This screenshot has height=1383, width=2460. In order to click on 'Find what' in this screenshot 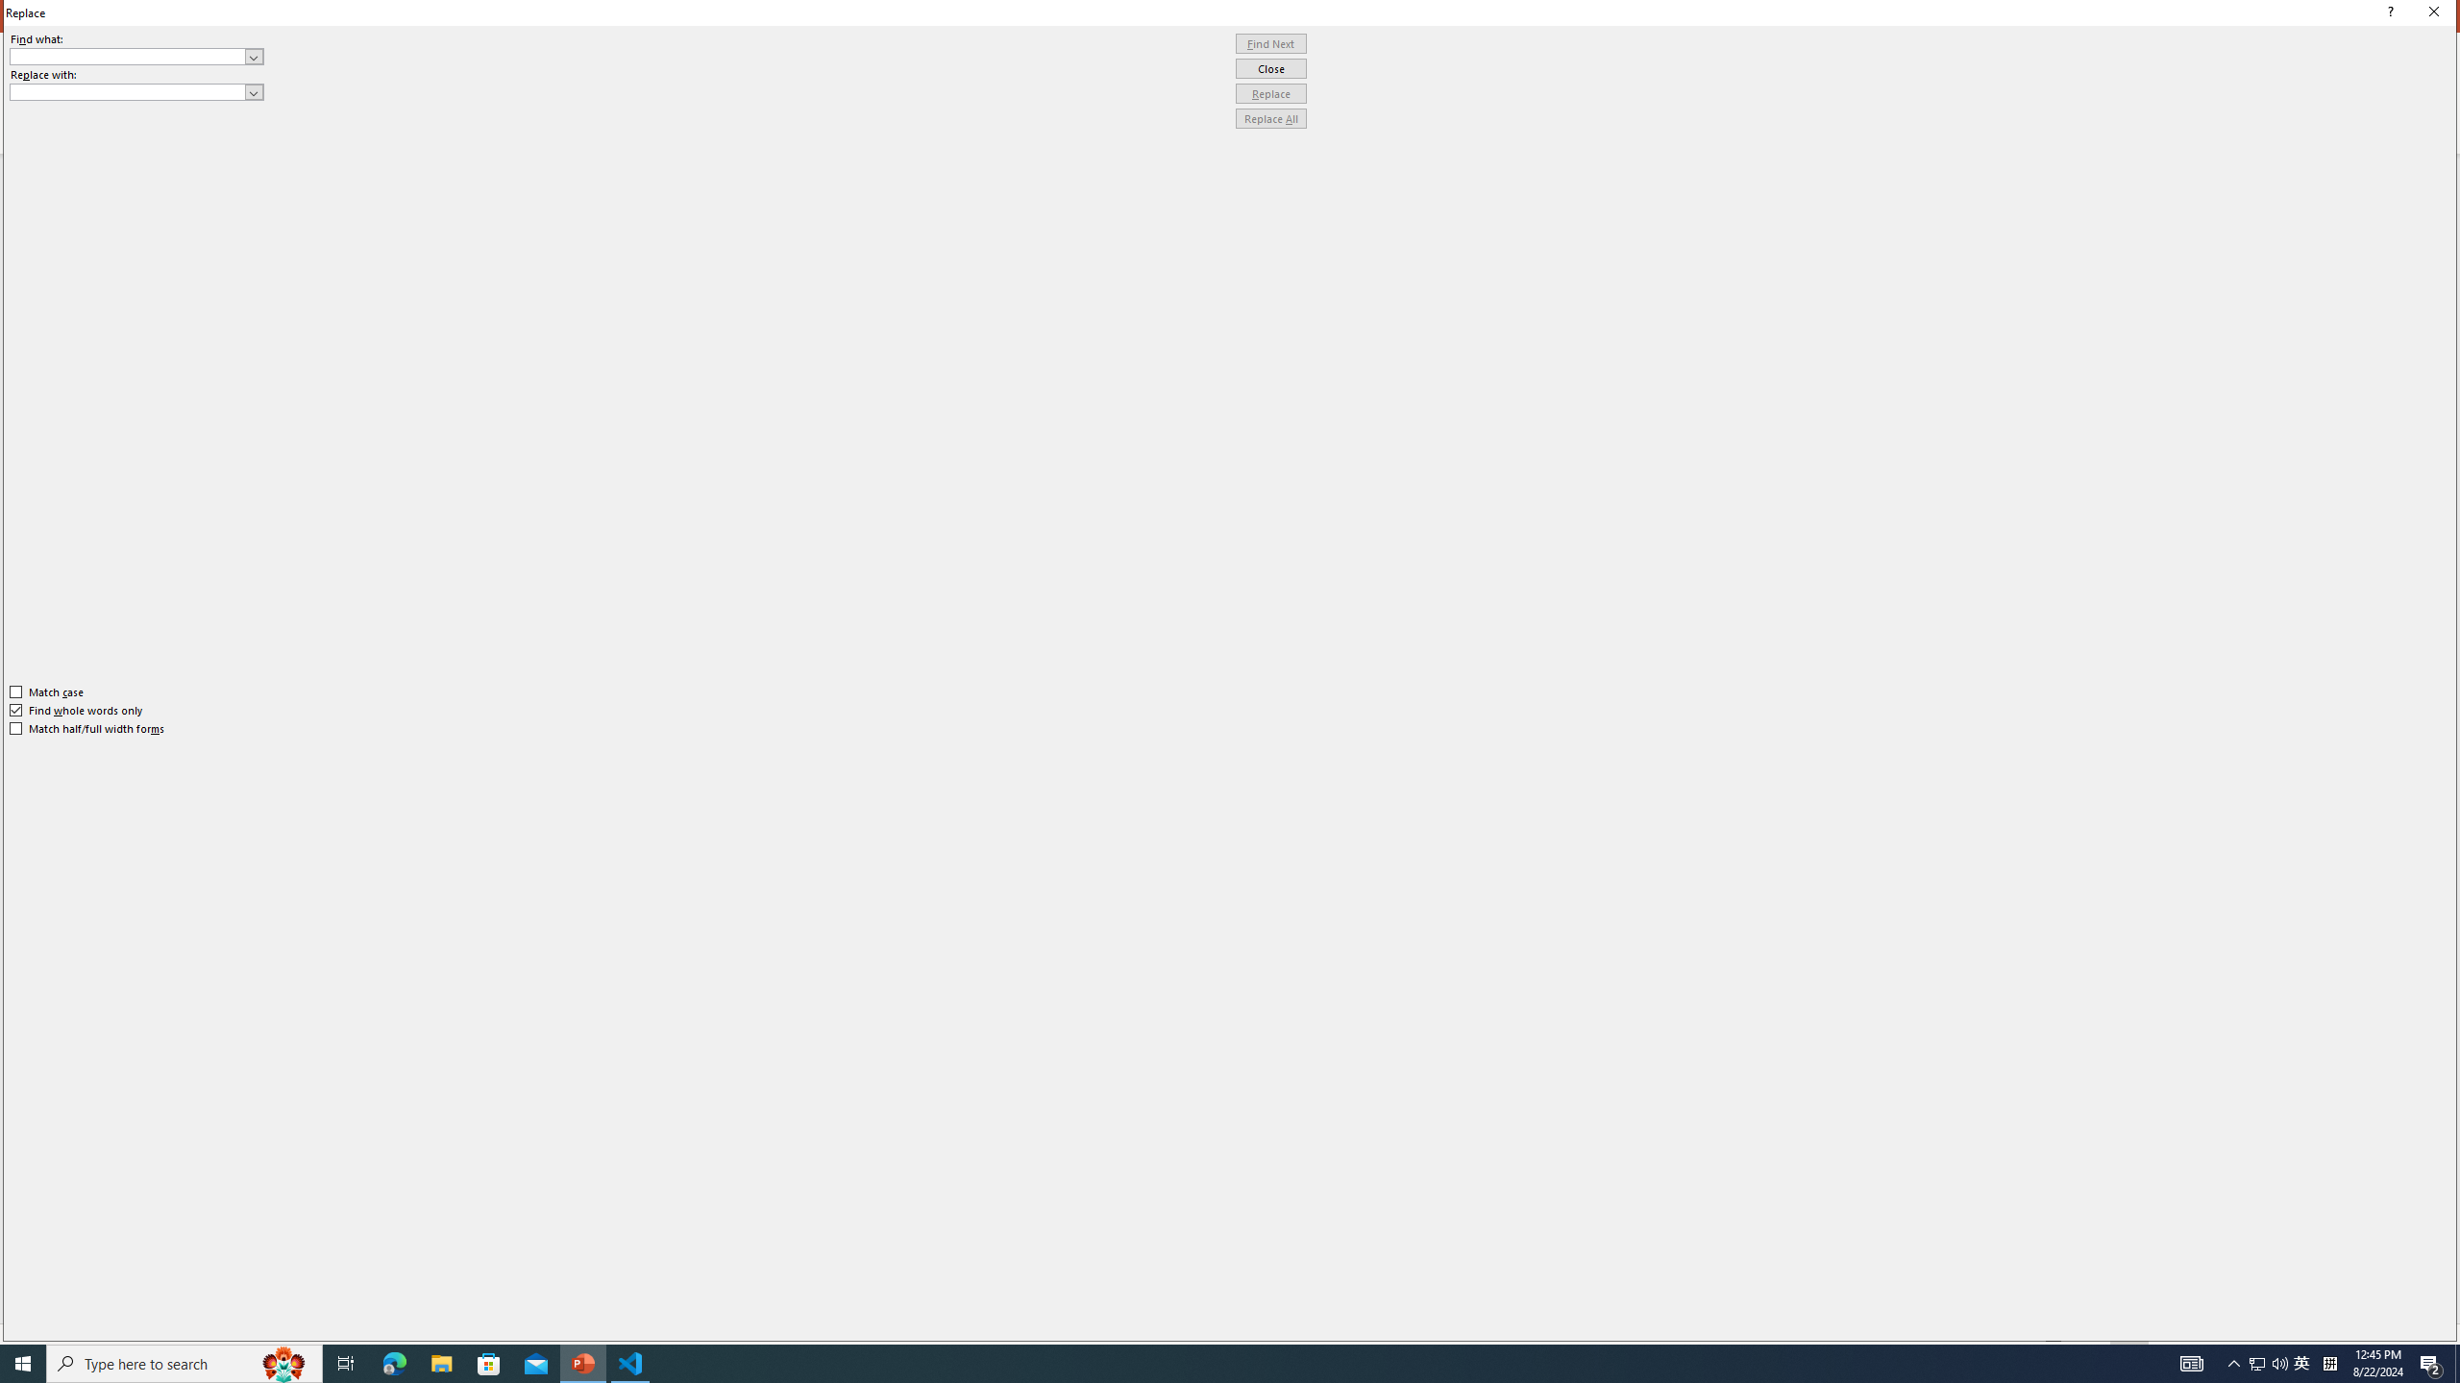, I will do `click(128, 56)`.